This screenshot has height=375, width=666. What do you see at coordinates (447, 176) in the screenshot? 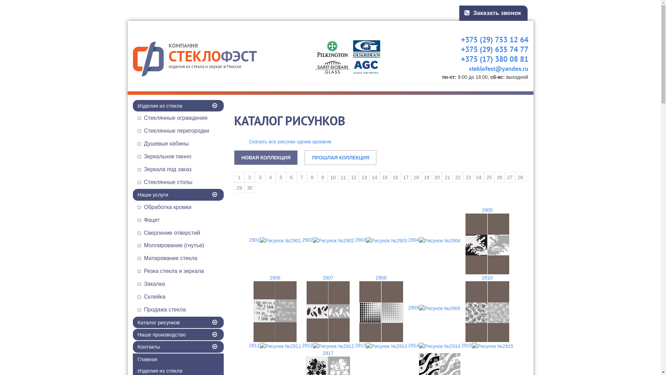
I see `'21'` at bounding box center [447, 176].